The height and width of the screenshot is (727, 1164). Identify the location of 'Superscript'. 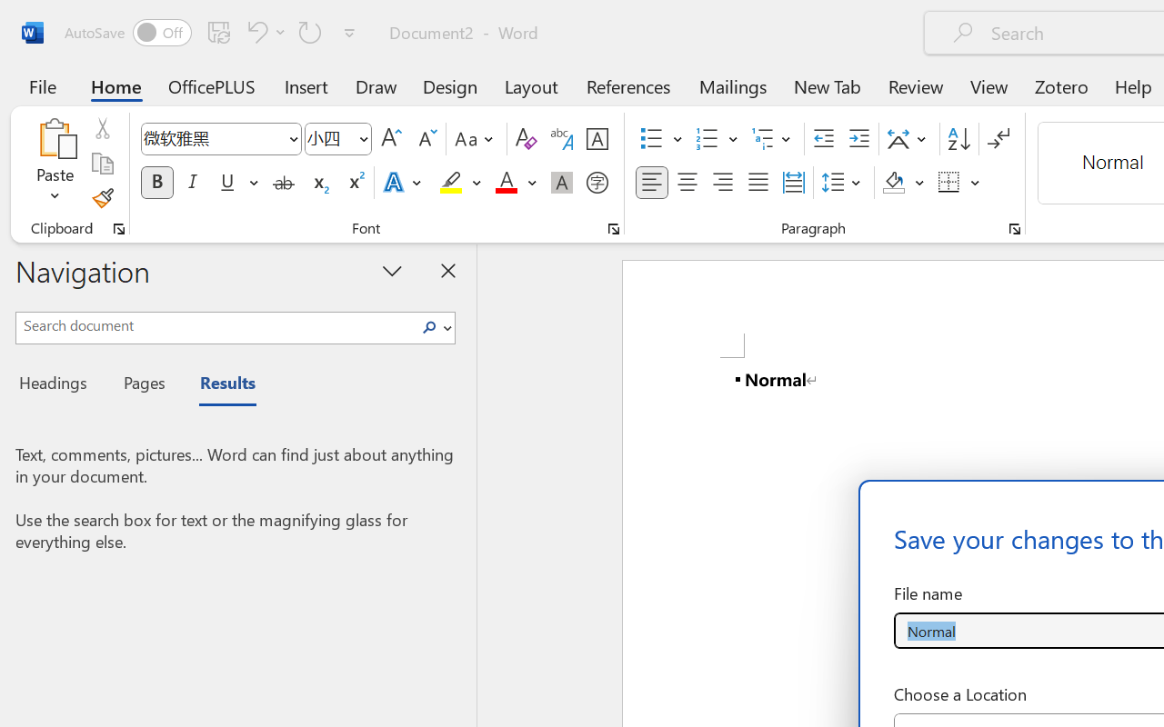
(355, 183).